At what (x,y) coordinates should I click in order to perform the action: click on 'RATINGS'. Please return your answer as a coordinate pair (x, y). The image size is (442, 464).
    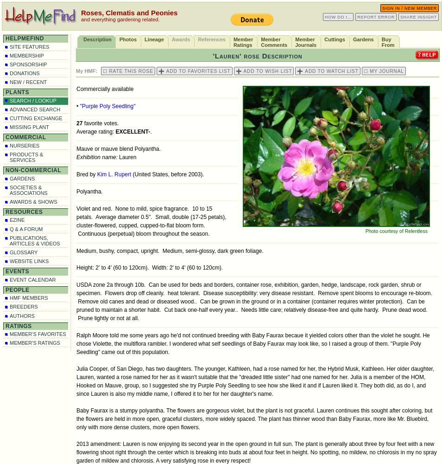
    Looking at the image, I should click on (18, 325).